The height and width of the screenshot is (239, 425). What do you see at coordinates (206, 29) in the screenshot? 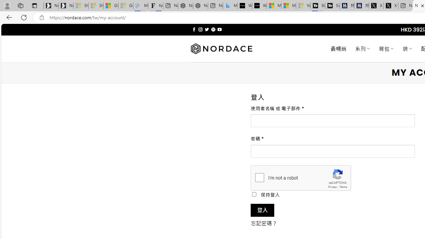
I see `'Follow on Twitter'` at bounding box center [206, 29].